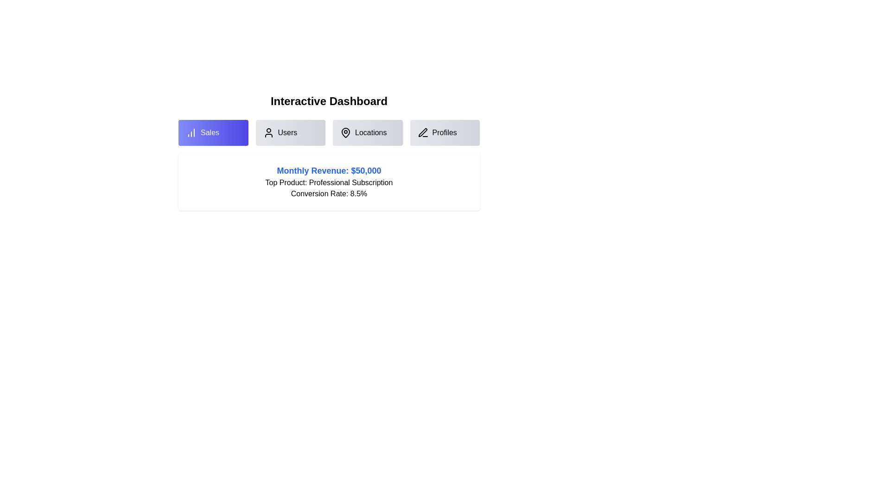 The image size is (890, 500). I want to click on the icon integrated within the 'Users' button, which indicates user-related settings or data, so click(268, 132).